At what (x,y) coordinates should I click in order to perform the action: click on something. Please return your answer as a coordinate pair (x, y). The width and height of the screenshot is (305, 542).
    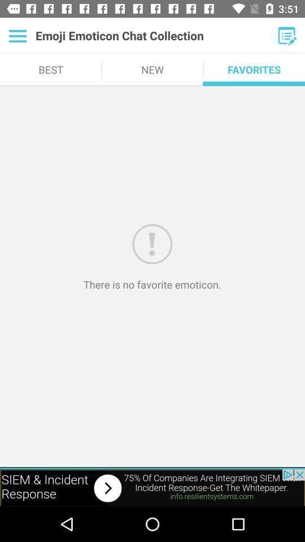
    Looking at the image, I should click on (287, 36).